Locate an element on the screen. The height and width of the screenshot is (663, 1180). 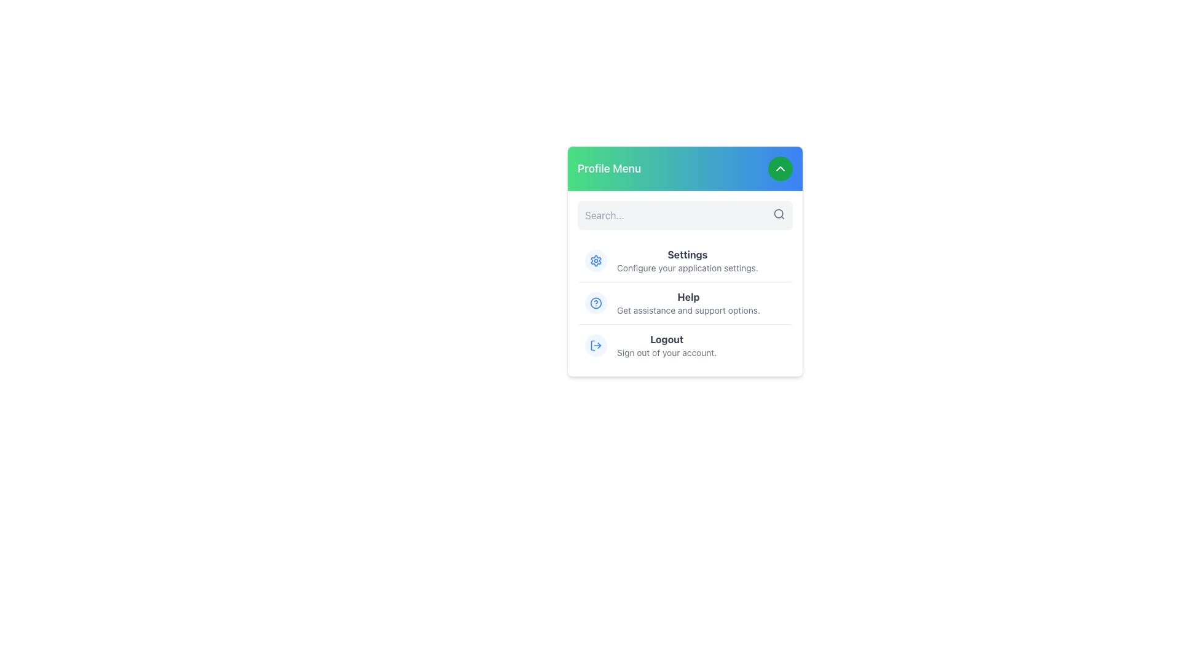
the circular icon with a light blue background and a gear-shaped symbol in blue, located to the left of the 'Settings' label in the profile menu is located at coordinates (596, 260).